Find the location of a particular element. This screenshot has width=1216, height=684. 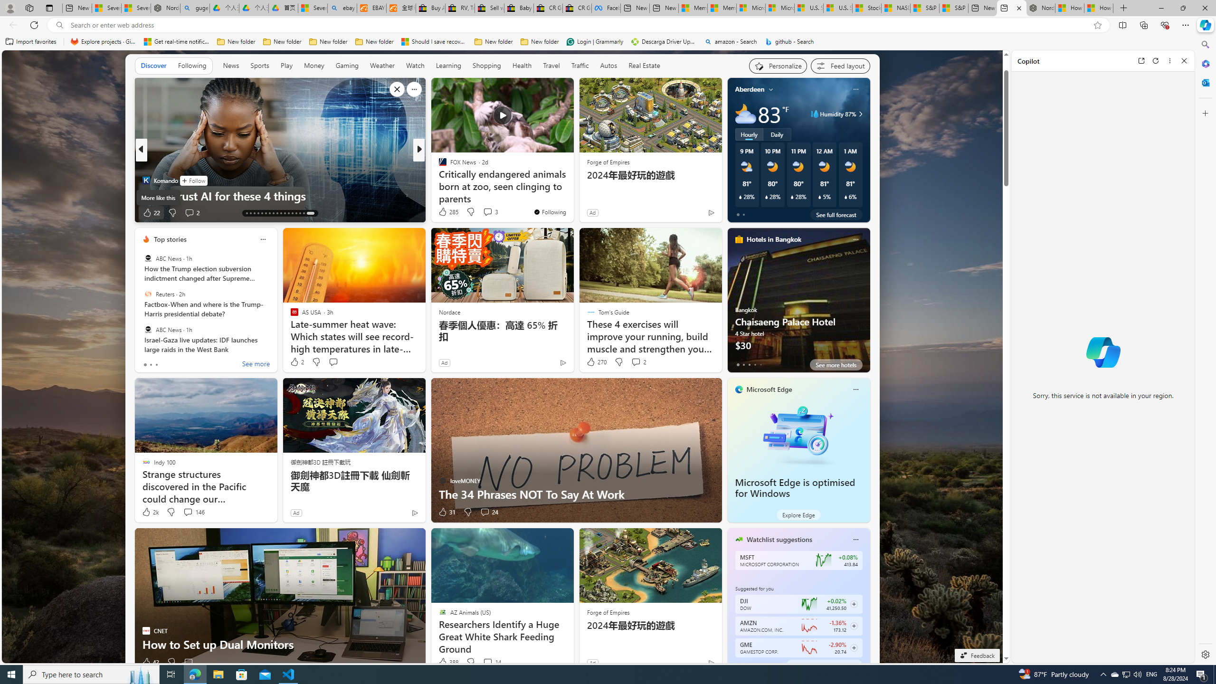

'Watchlist suggestions' is located at coordinates (779, 539).